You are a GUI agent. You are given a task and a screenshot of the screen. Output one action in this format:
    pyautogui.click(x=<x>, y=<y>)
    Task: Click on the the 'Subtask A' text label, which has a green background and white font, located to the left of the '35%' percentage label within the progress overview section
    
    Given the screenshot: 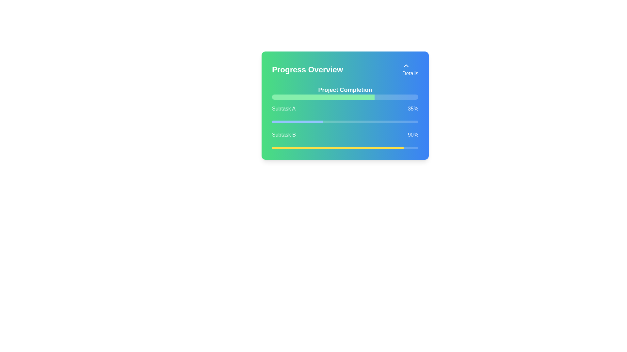 What is the action you would take?
    pyautogui.click(x=283, y=109)
    